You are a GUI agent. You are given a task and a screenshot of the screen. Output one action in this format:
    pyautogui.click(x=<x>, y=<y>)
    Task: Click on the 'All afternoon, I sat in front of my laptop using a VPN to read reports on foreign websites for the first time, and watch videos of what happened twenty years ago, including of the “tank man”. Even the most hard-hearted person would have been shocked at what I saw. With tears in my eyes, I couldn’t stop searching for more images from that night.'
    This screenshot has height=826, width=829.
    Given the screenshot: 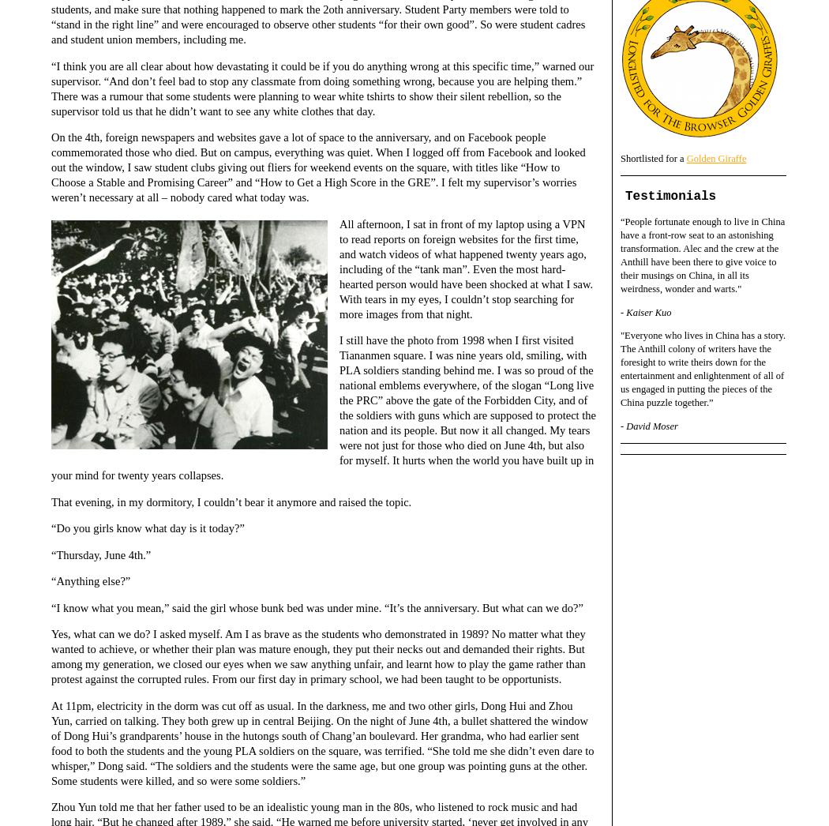 What is the action you would take?
    pyautogui.click(x=465, y=267)
    